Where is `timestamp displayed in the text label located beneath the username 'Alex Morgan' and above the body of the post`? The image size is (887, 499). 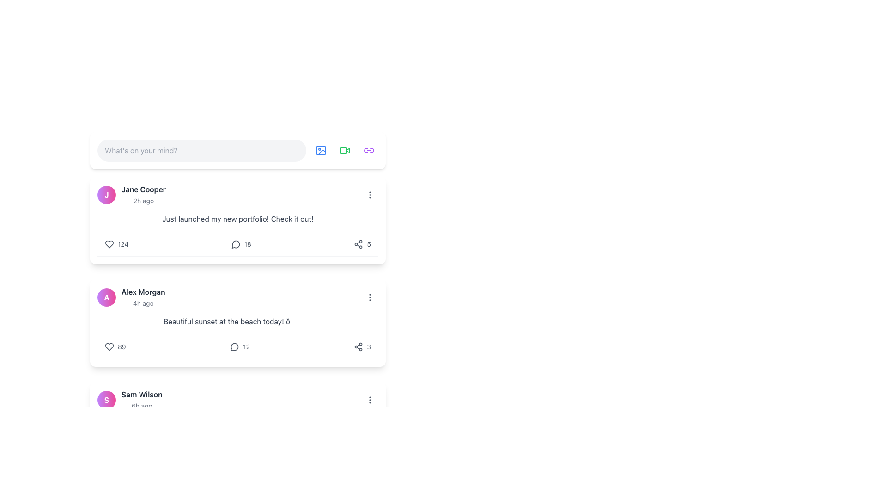 timestamp displayed in the text label located beneath the username 'Alex Morgan' and above the body of the post is located at coordinates (143, 303).